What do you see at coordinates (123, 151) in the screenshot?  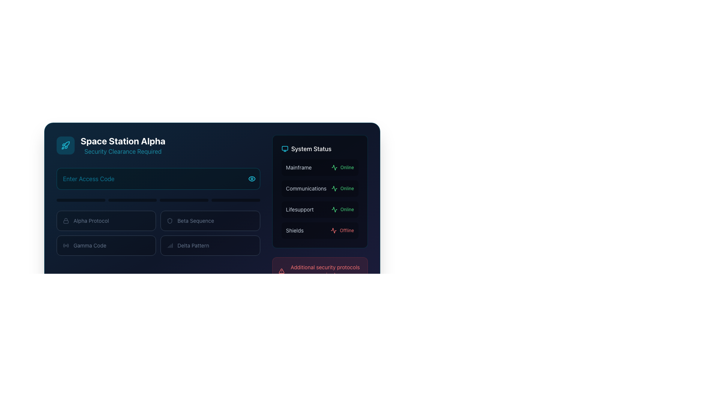 I see `the text label displaying 'Security Clearance Required' which is styled in cyan and located under 'Space Station Alpha'` at bounding box center [123, 151].